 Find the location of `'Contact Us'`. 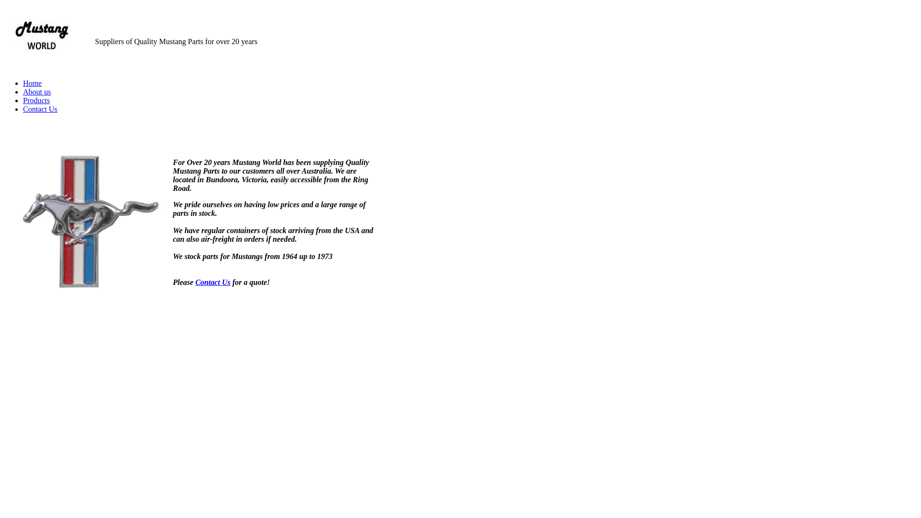

'Contact Us' is located at coordinates (212, 282).